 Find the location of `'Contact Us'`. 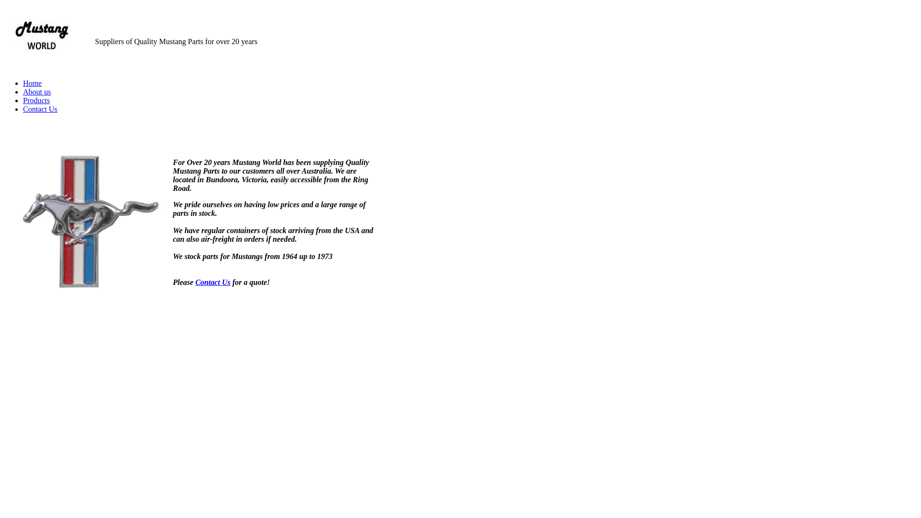

'Contact Us' is located at coordinates (212, 282).